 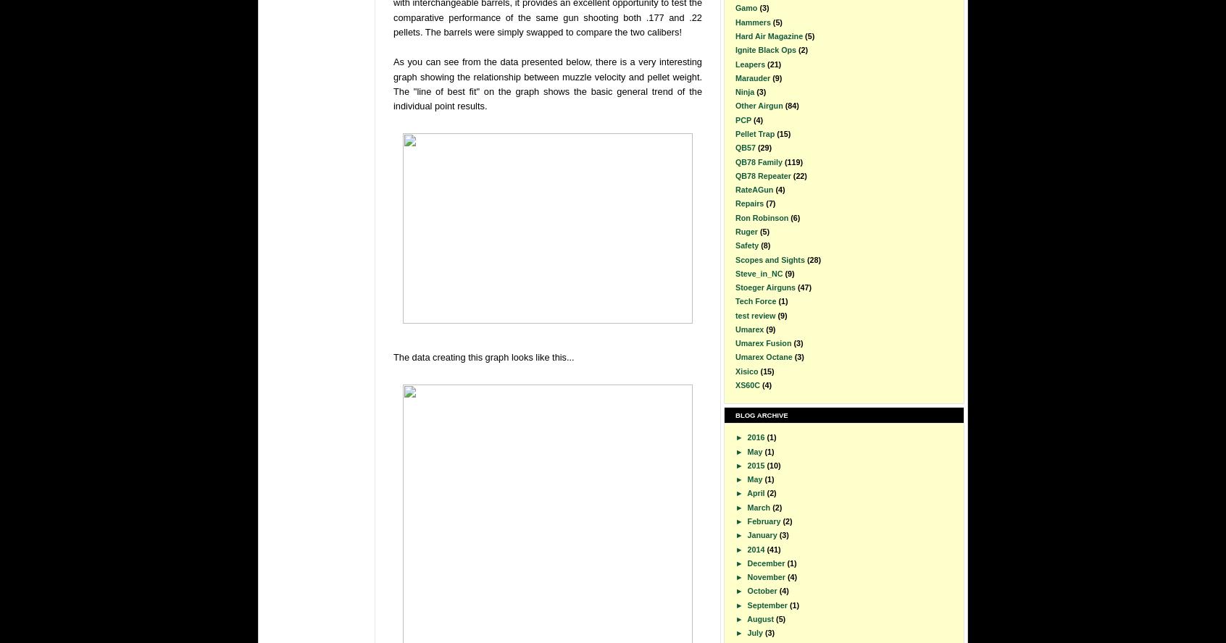 What do you see at coordinates (758, 161) in the screenshot?
I see `'QB78 Family'` at bounding box center [758, 161].